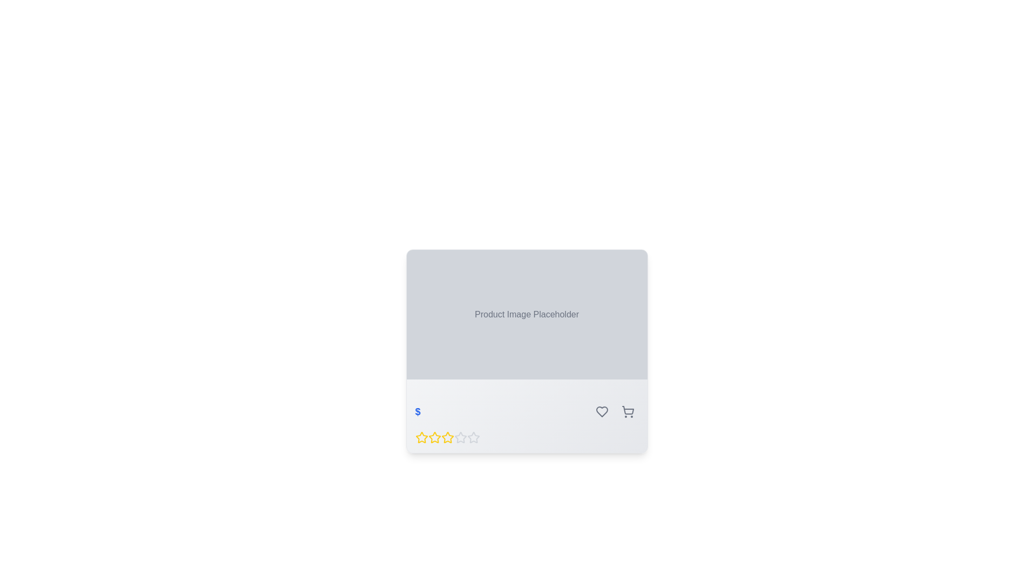 The width and height of the screenshot is (1036, 583). I want to click on the second yellow star icon representing the rating level in the rating system located beneath the 'Product Image Placeholder' section, so click(447, 437).